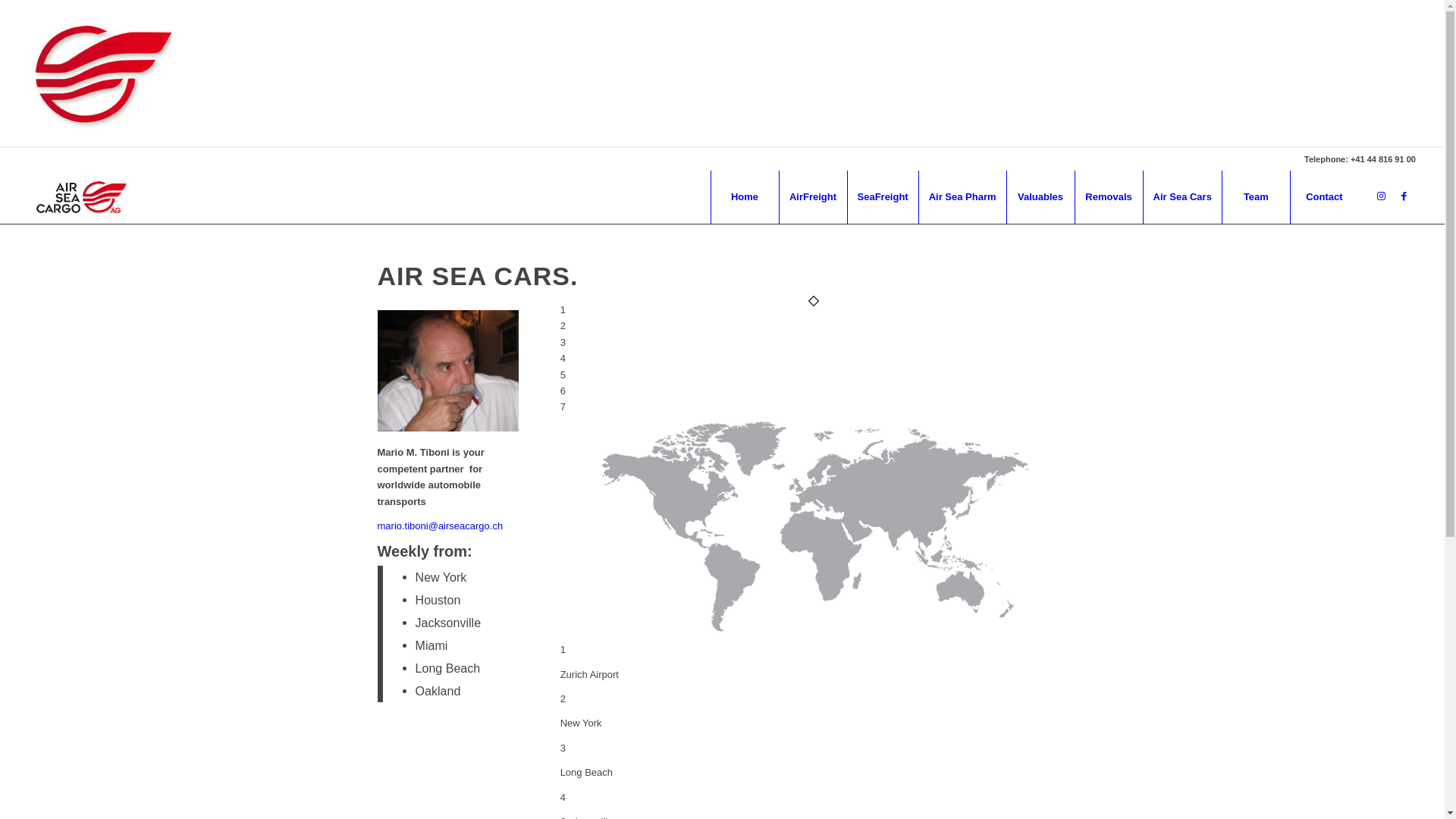 The image size is (1456, 819). Describe the element at coordinates (961, 196) in the screenshot. I see `'Air Sea Pharm'` at that location.